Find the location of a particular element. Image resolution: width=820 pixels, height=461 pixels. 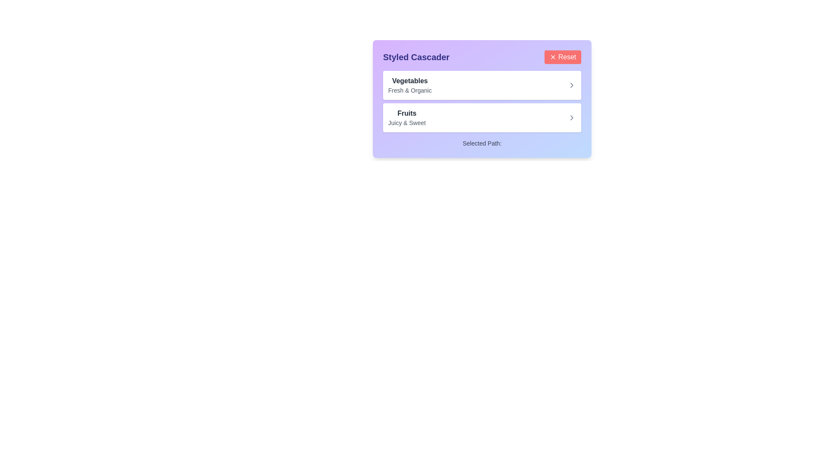

the text label 'Styled Cascader' which is bold, large, and deep indigo located at the top-left corner of a rounded purple-pink gradient rectangular area is located at coordinates (416, 57).